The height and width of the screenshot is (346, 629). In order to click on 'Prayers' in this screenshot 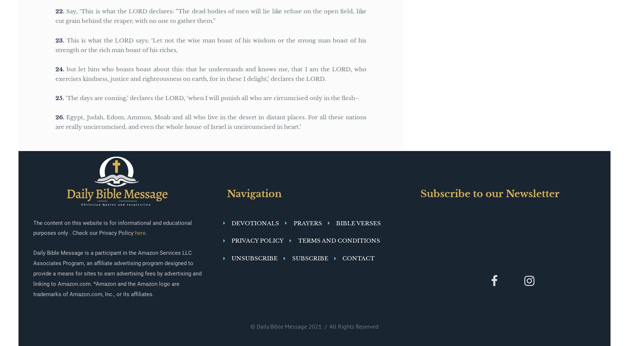, I will do `click(307, 222)`.